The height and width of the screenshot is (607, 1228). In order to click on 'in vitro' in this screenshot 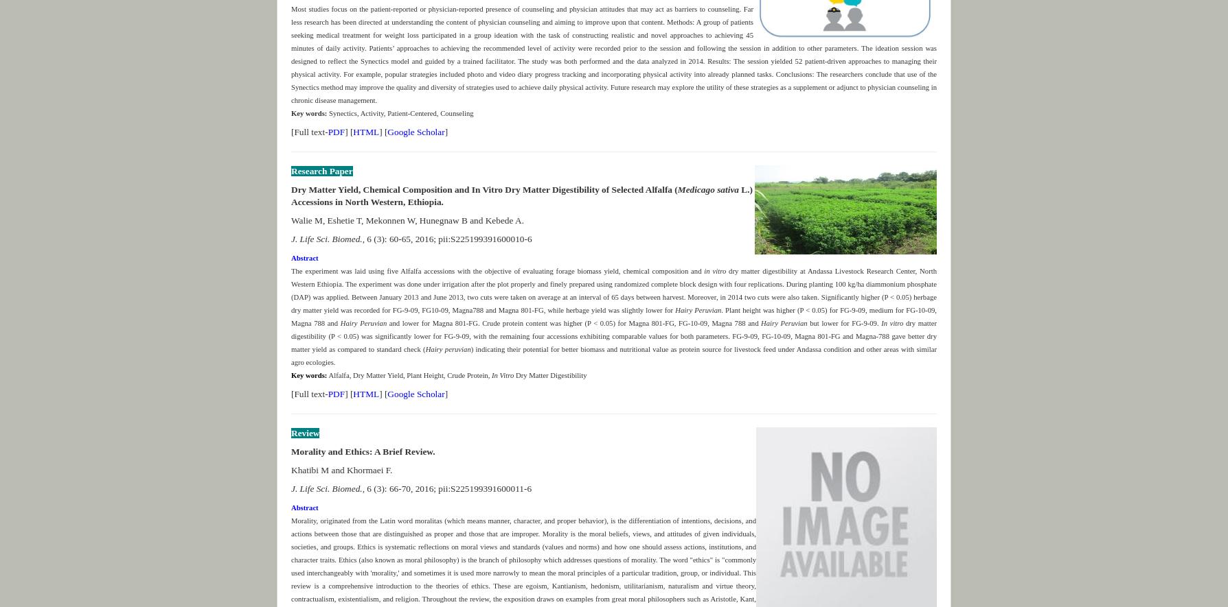, I will do `click(714, 270)`.